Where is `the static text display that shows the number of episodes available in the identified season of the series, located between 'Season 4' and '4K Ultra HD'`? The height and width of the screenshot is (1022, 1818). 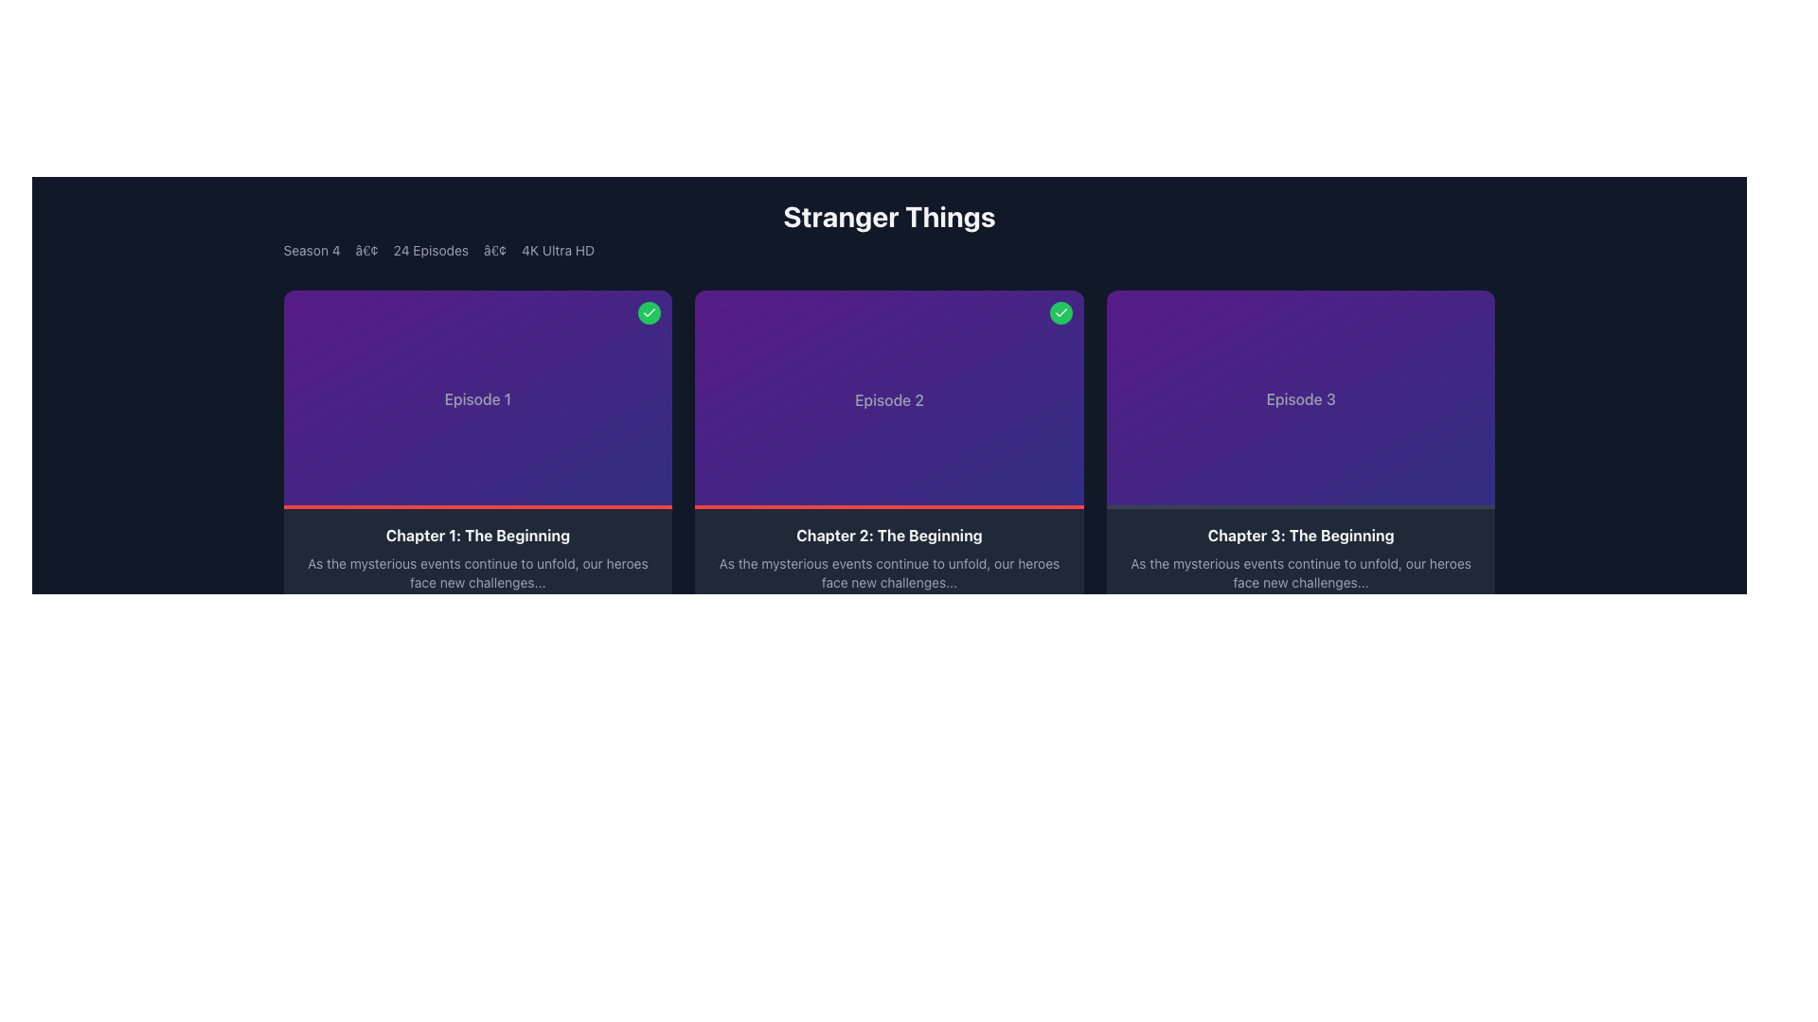 the static text display that shows the number of episodes available in the identified season of the series, located between 'Season 4' and '4K Ultra HD' is located at coordinates (430, 250).